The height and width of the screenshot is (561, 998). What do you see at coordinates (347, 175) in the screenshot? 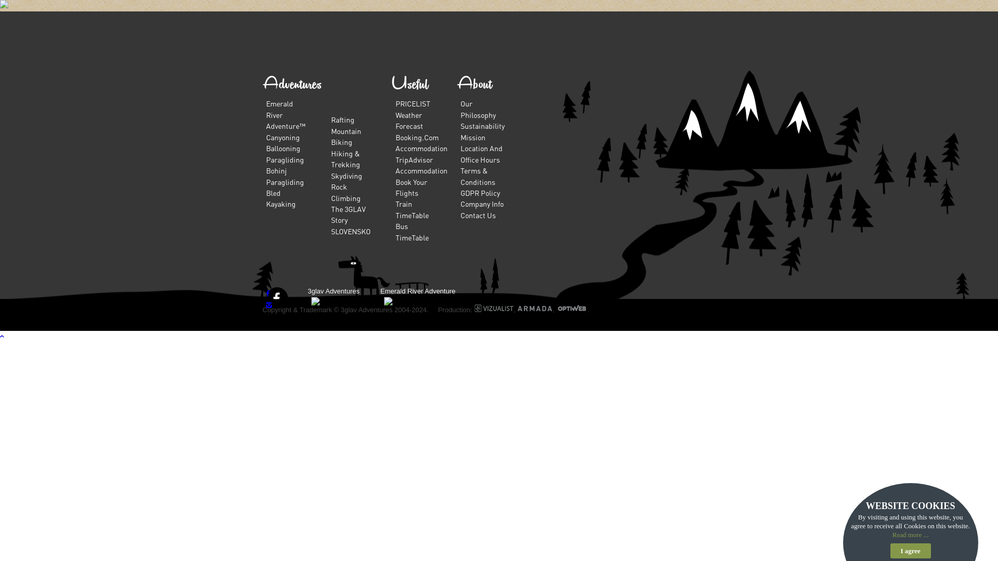
I see `'Skydiving'` at bounding box center [347, 175].